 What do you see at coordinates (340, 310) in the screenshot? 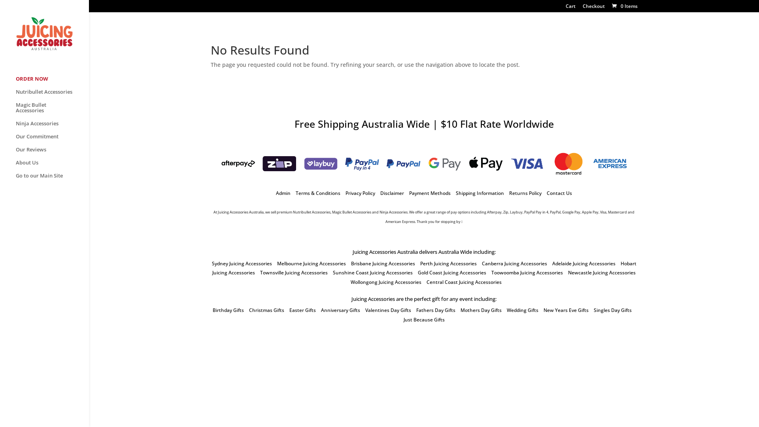
I see `'Anniversary Gifts'` at bounding box center [340, 310].